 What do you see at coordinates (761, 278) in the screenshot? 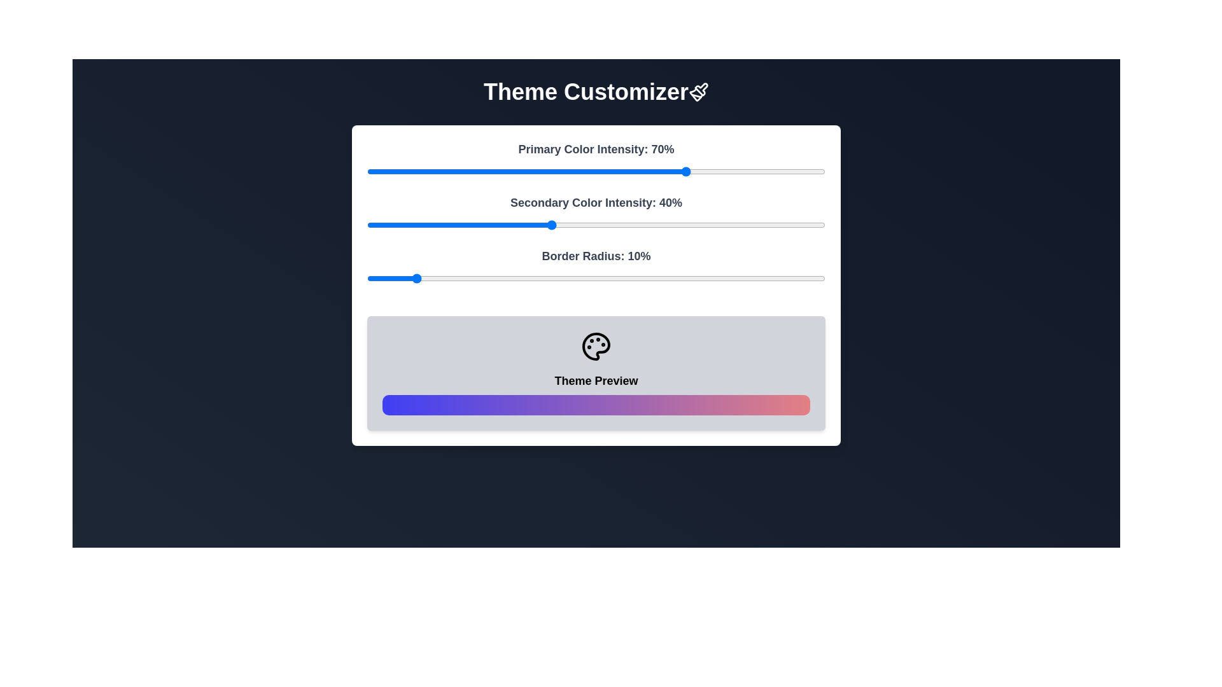
I see `the Border Radius slider to 86%` at bounding box center [761, 278].